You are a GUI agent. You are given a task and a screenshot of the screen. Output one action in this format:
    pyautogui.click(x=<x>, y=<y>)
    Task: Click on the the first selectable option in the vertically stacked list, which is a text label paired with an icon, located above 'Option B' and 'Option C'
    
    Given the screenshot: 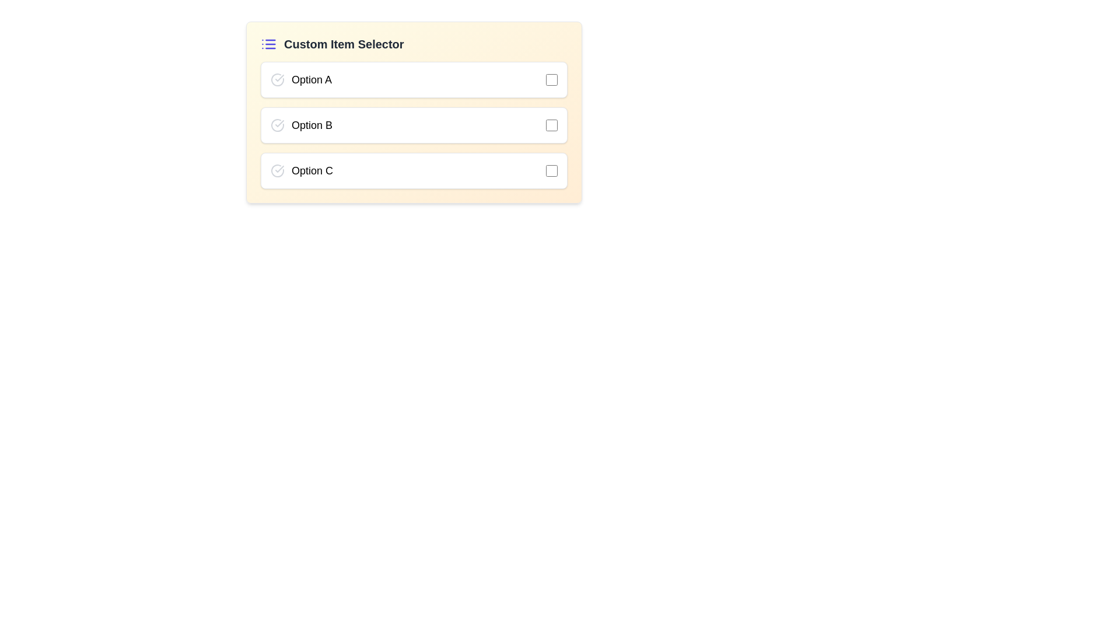 What is the action you would take?
    pyautogui.click(x=300, y=79)
    